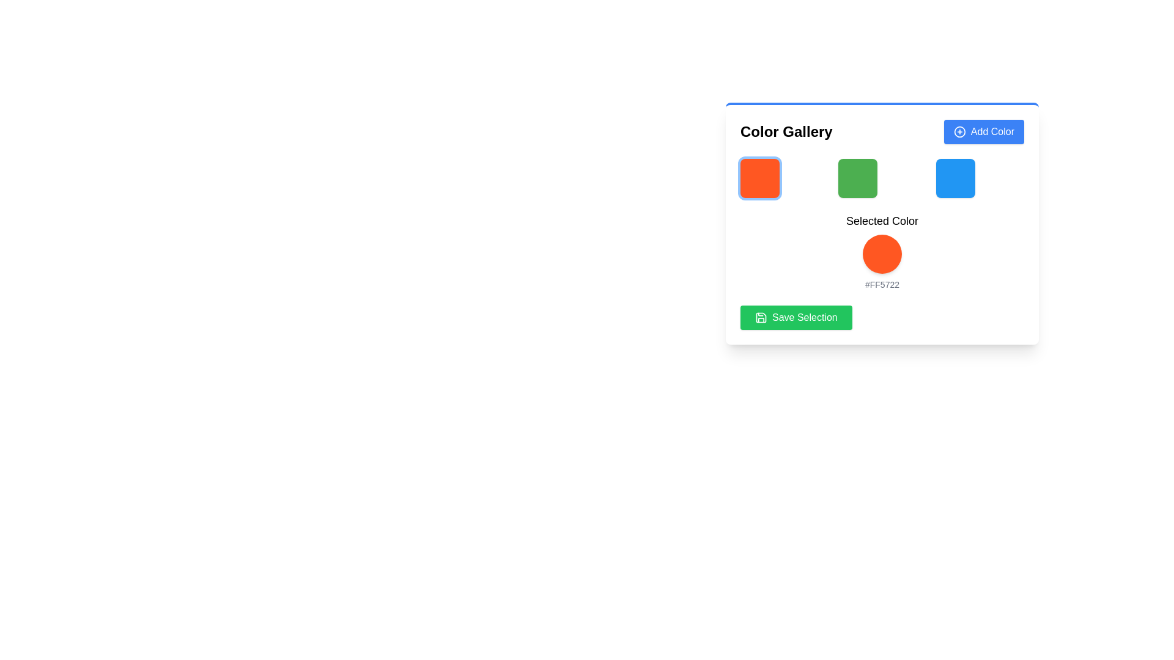  Describe the element at coordinates (959, 132) in the screenshot. I see `the circular icon with a plus sign inside, part of the 'Add Color' button located at the top-right corner of the card interface` at that location.